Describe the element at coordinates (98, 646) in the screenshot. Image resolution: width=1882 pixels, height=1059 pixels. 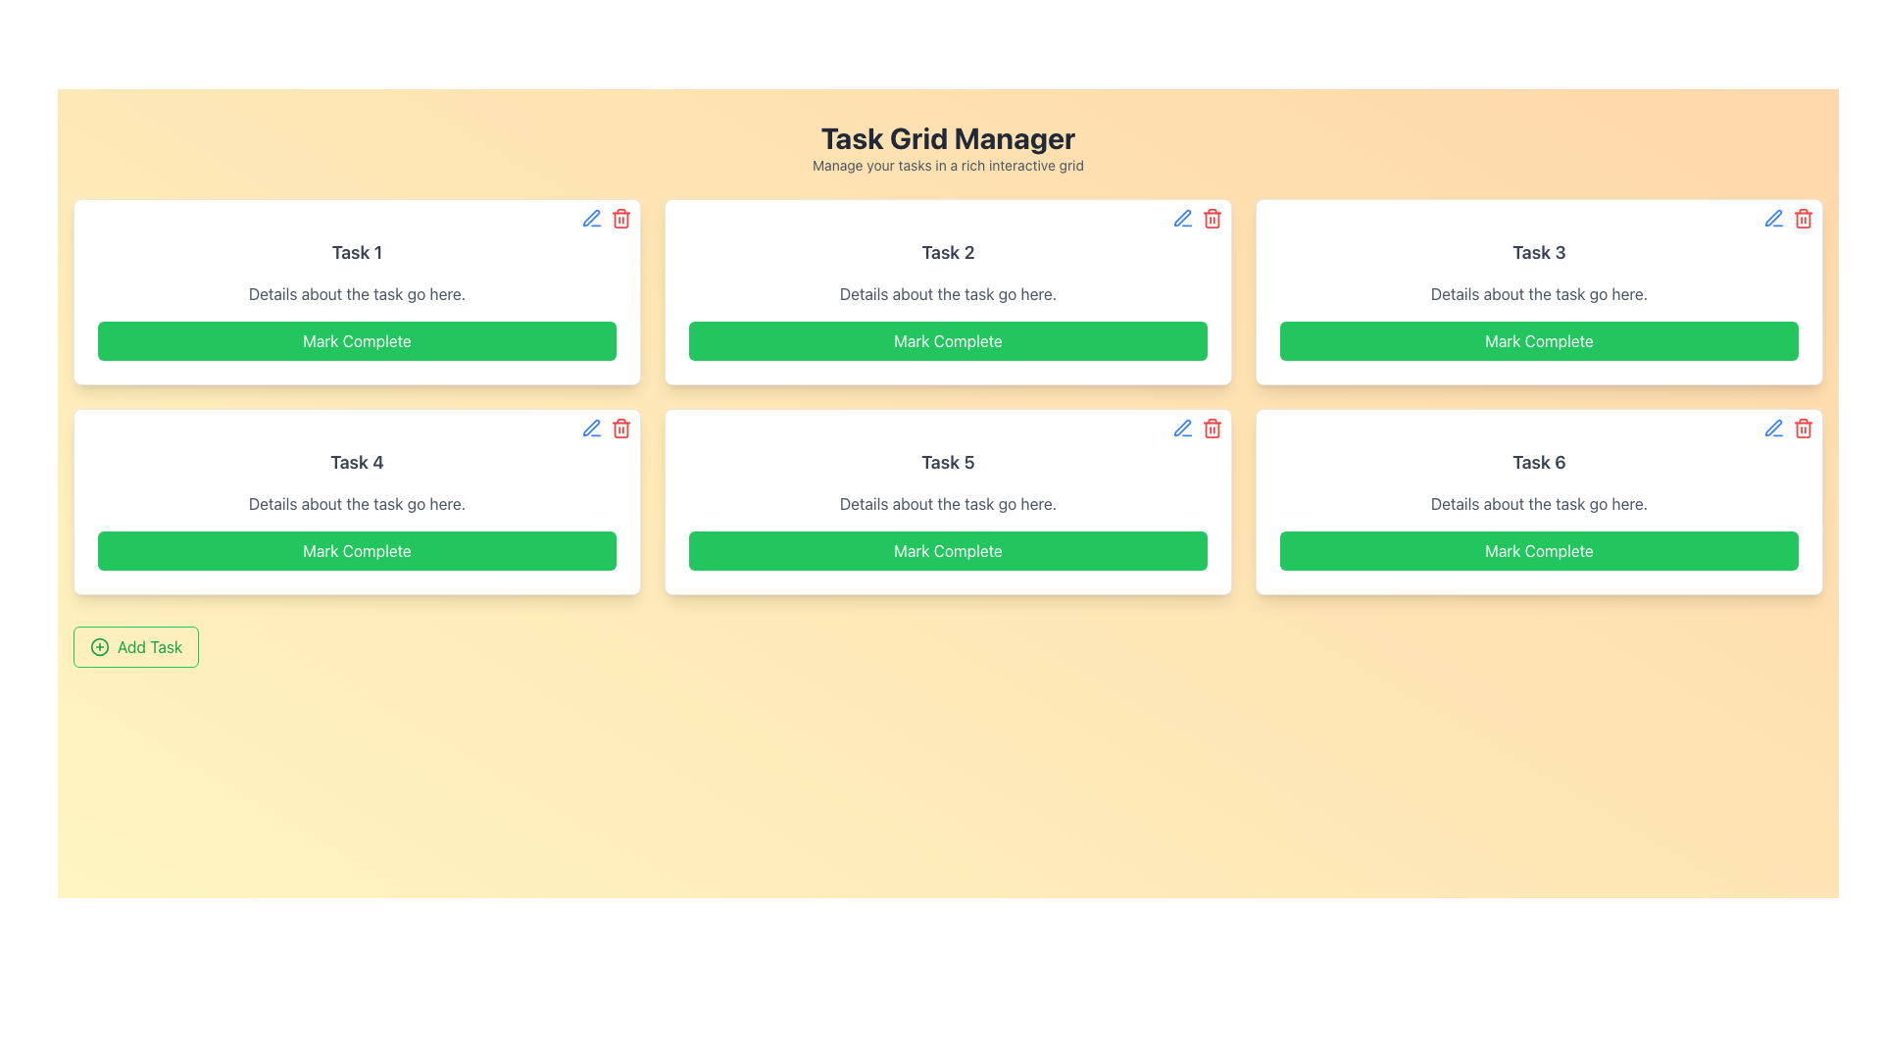
I see `the green circular '+' icon inside the 'Add Task' button located at the bottom left of the interface` at that location.